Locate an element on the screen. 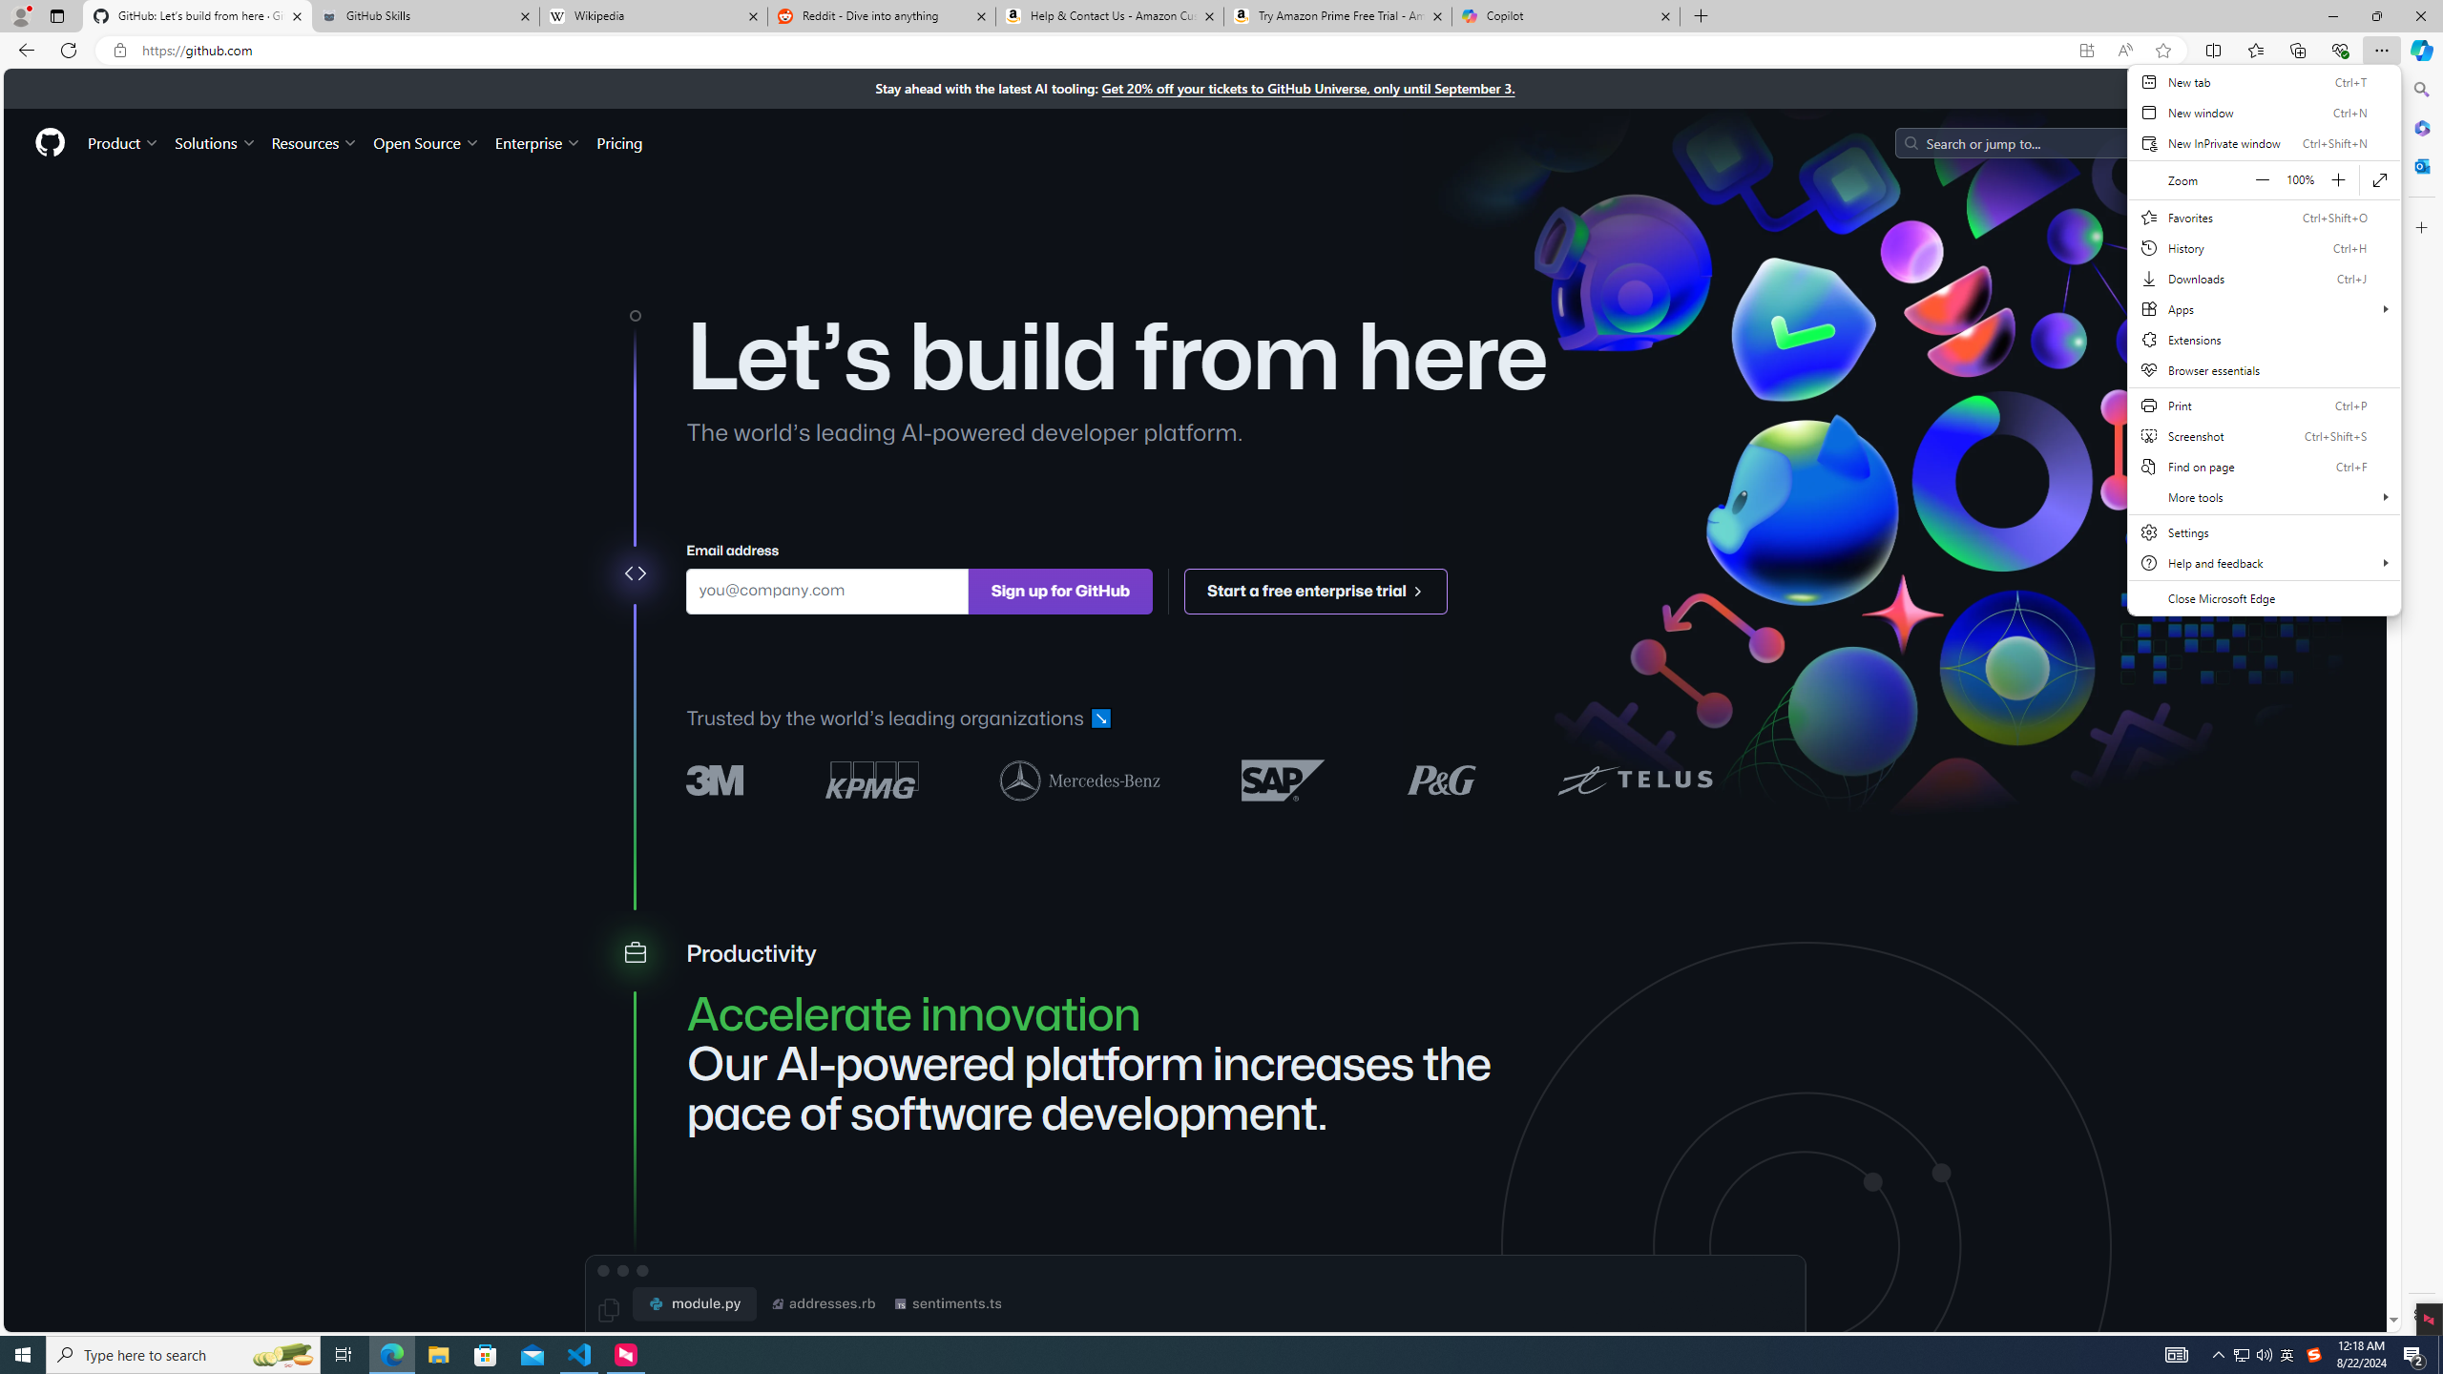 The height and width of the screenshot is (1374, 2443). 'App available. Install GitHub' is located at coordinates (2085, 51).